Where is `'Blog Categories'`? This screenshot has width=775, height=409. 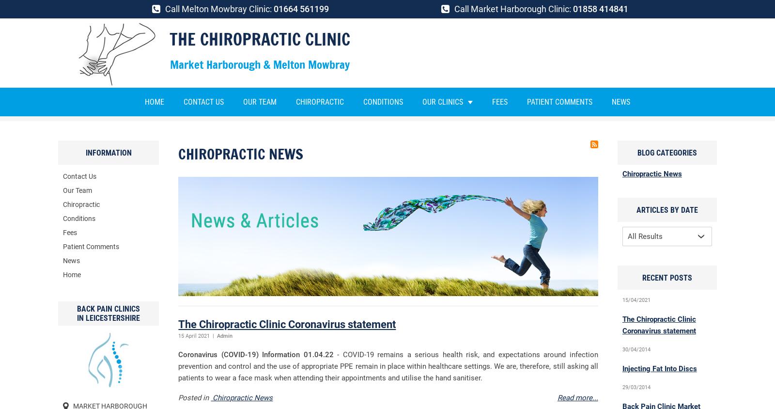
'Blog Categories' is located at coordinates (636, 152).